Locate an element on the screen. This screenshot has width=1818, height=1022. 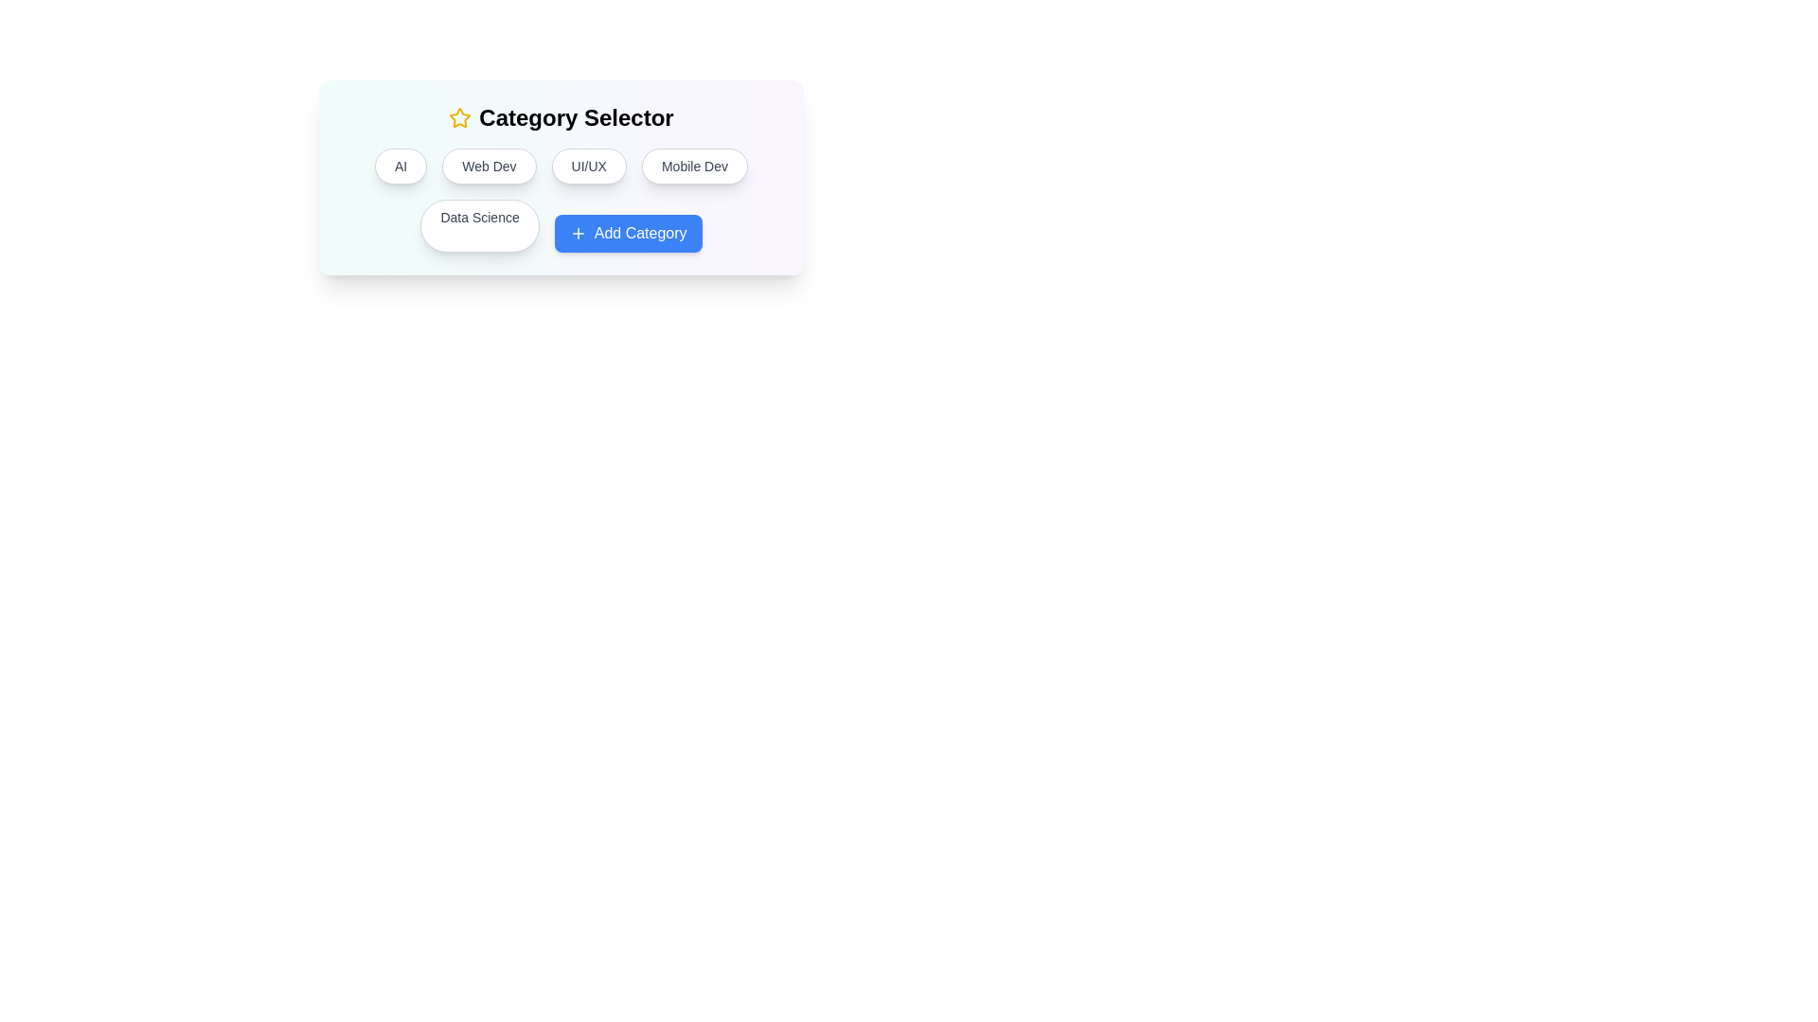
the category button labeled 'Data Science' is located at coordinates (480, 225).